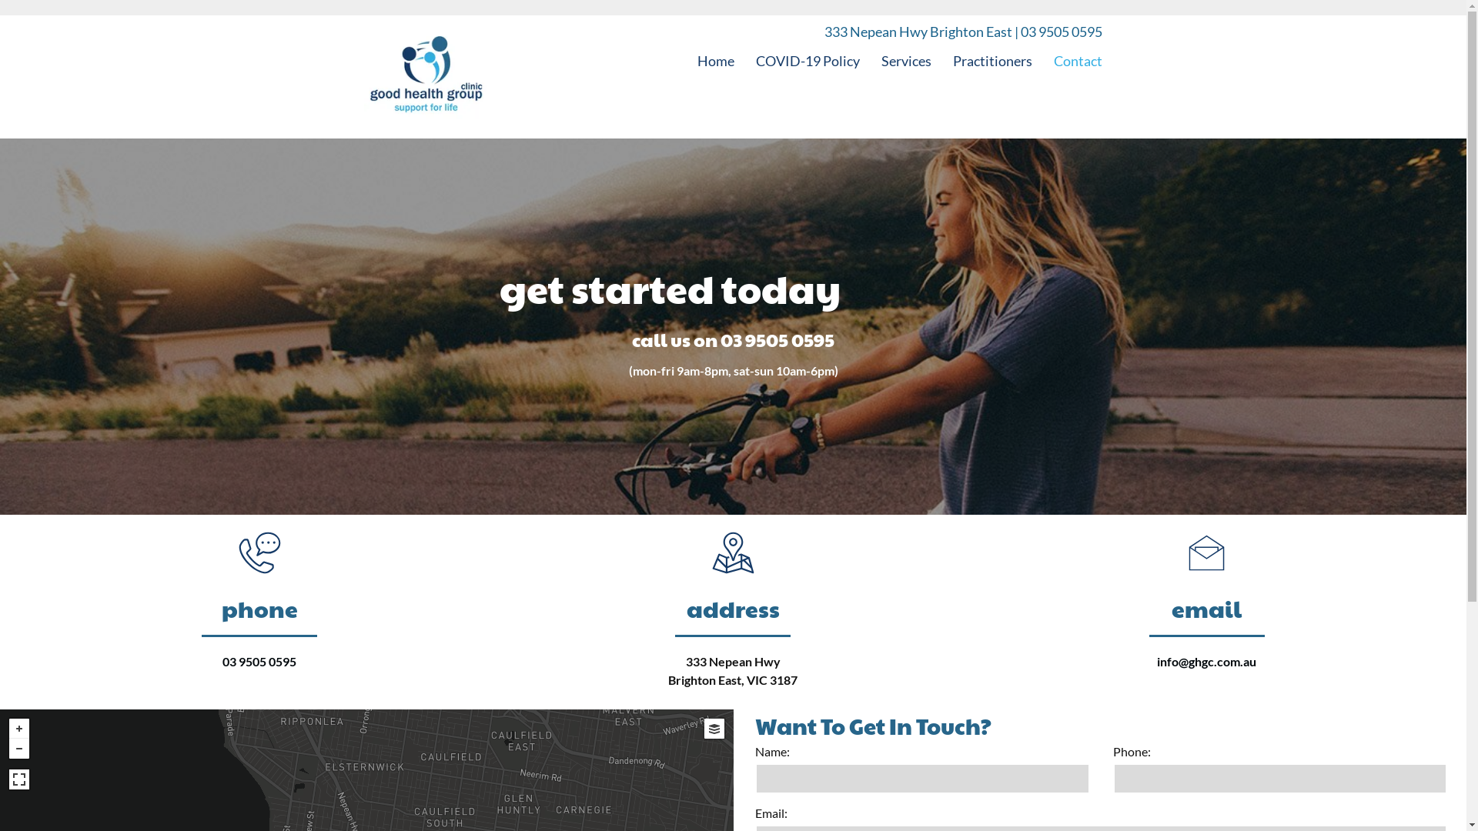  I want to click on 'Practitioners', so click(992, 59).